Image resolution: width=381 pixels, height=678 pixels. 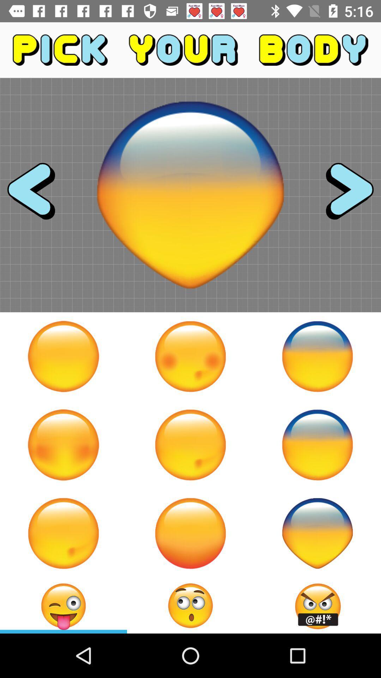 I want to click on choose body, so click(x=317, y=533).